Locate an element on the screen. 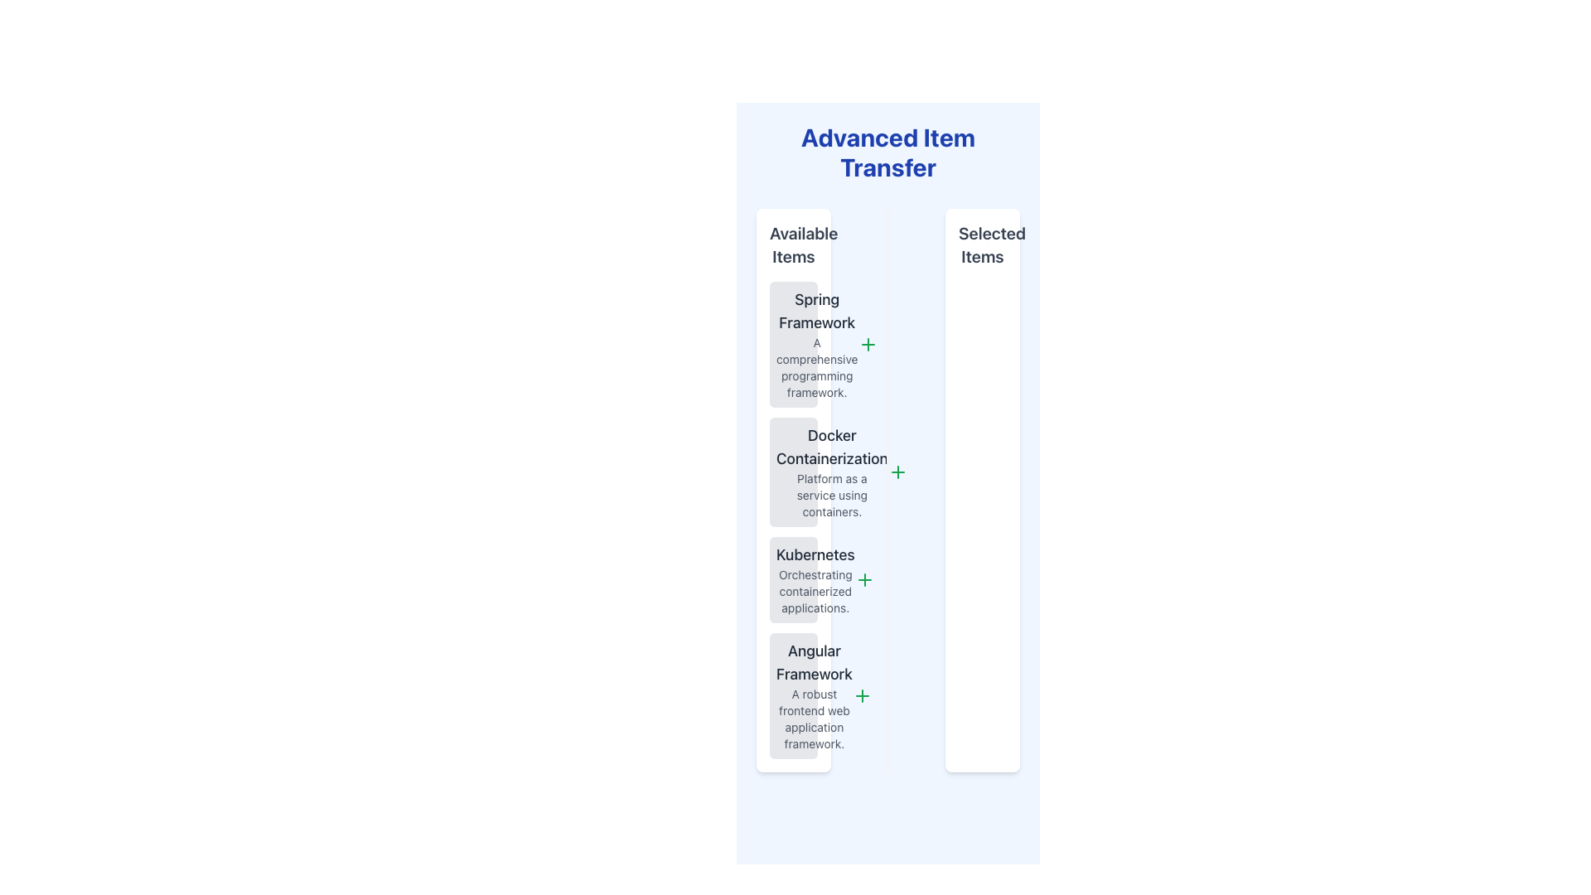 The height and width of the screenshot is (895, 1591). the button located on the far right side of the gray rounded box containing the text 'Docker Containerization' is located at coordinates (897, 472).